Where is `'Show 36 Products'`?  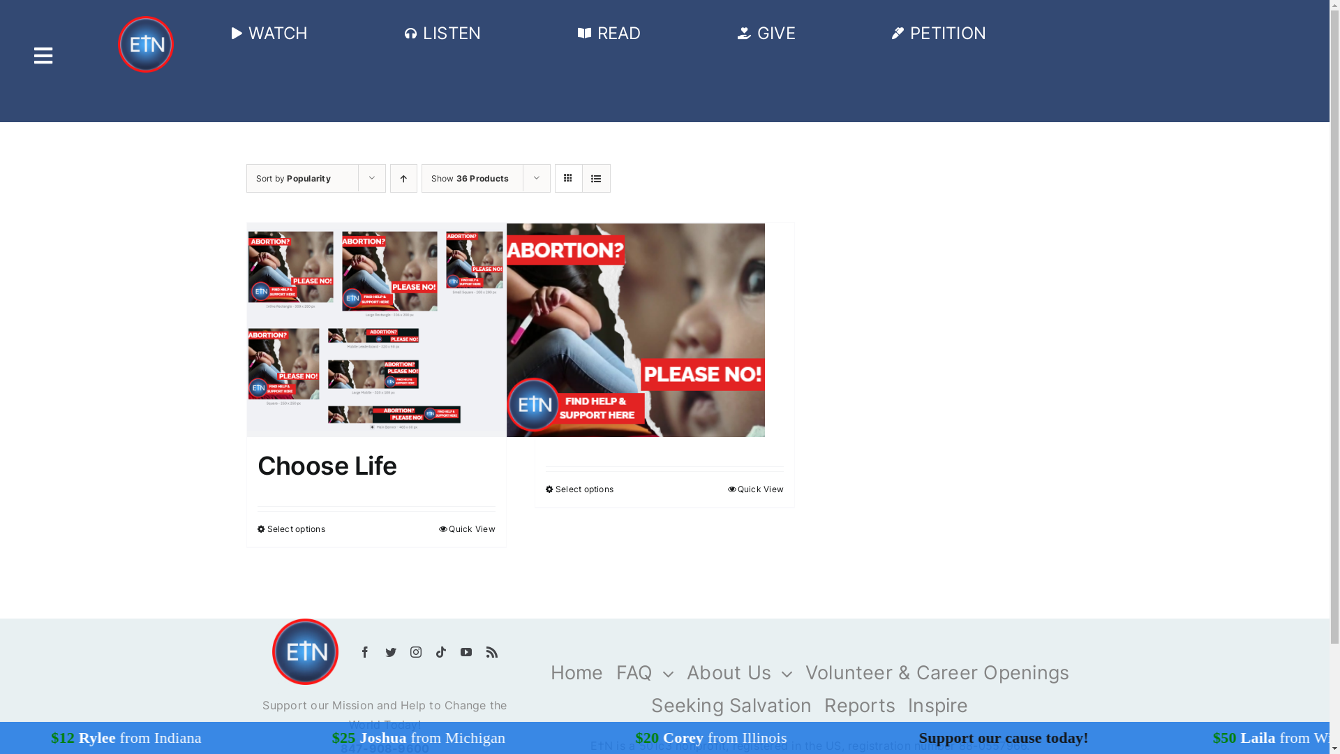
'Show 36 Products' is located at coordinates (470, 177).